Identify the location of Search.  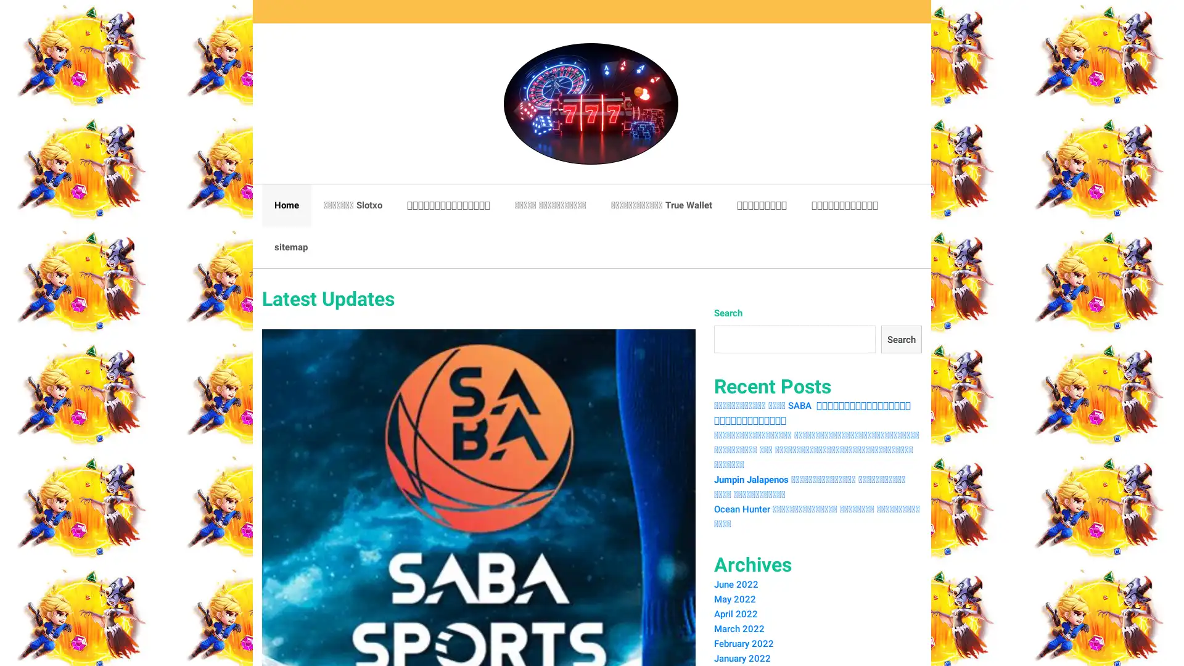
(900, 339).